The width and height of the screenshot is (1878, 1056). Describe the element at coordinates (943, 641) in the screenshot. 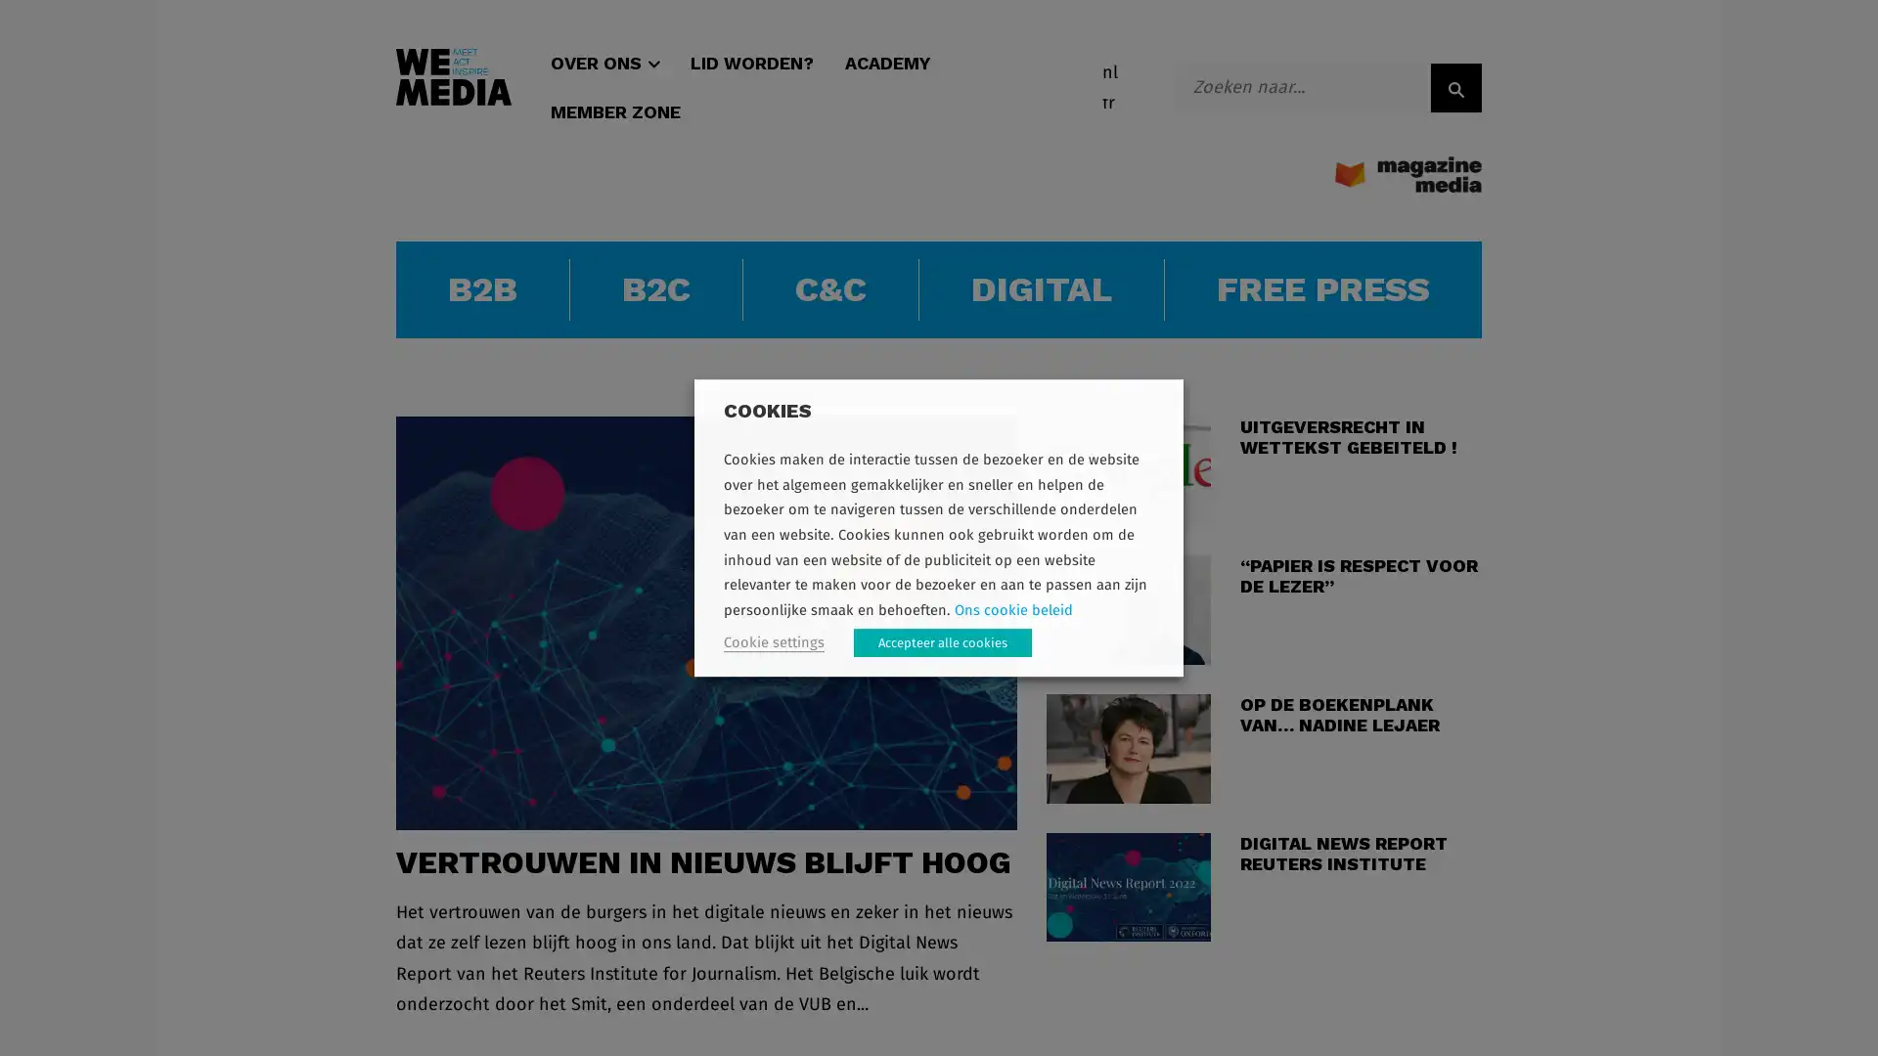

I see `Accepteer alle cookies` at that location.